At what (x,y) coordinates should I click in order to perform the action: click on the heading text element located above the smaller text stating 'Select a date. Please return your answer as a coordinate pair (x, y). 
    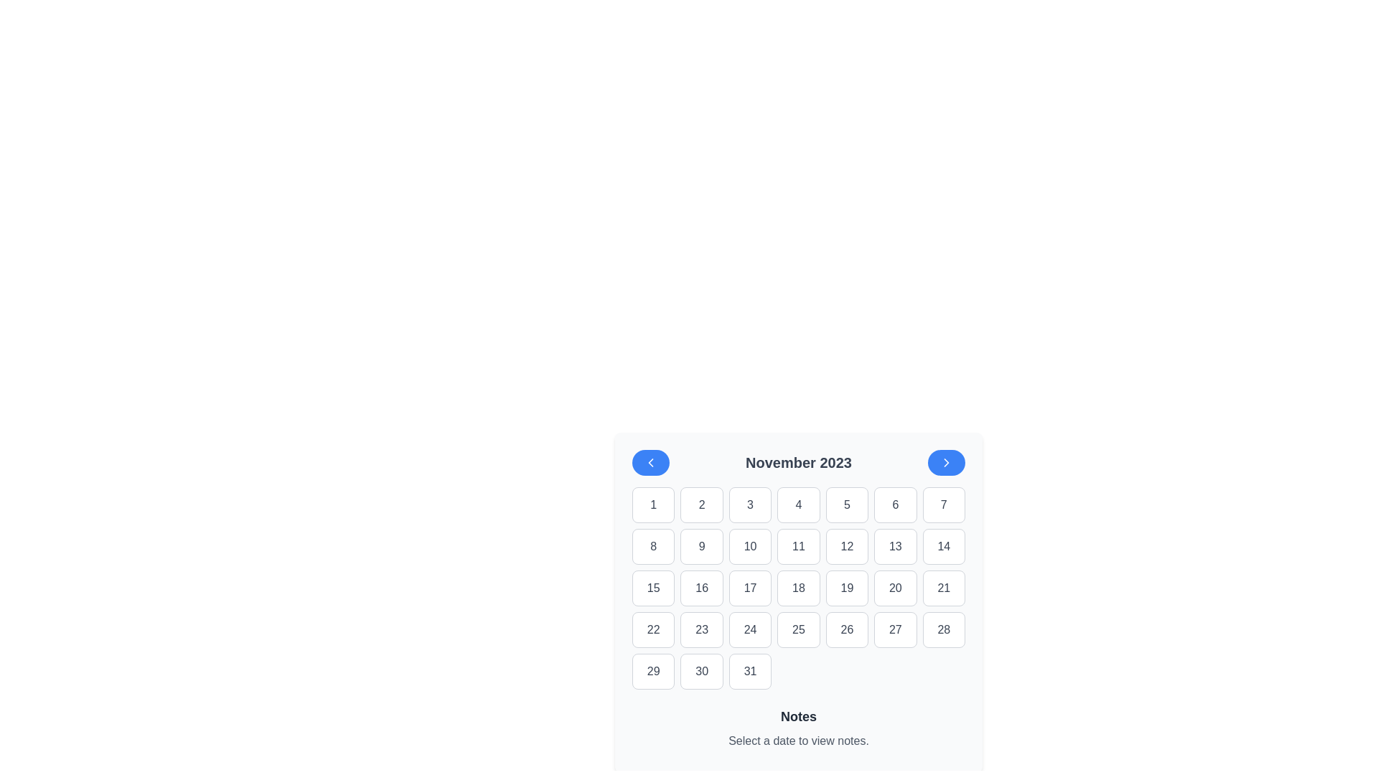
    Looking at the image, I should click on (798, 717).